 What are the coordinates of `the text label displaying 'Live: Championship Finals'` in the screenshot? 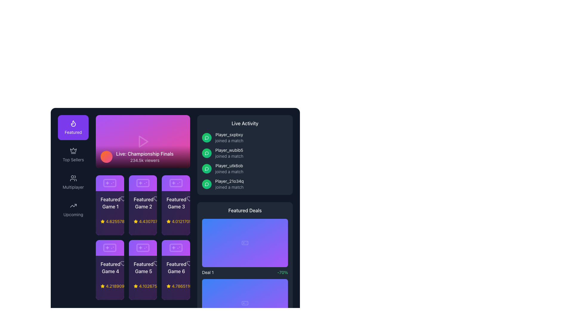 It's located at (145, 156).